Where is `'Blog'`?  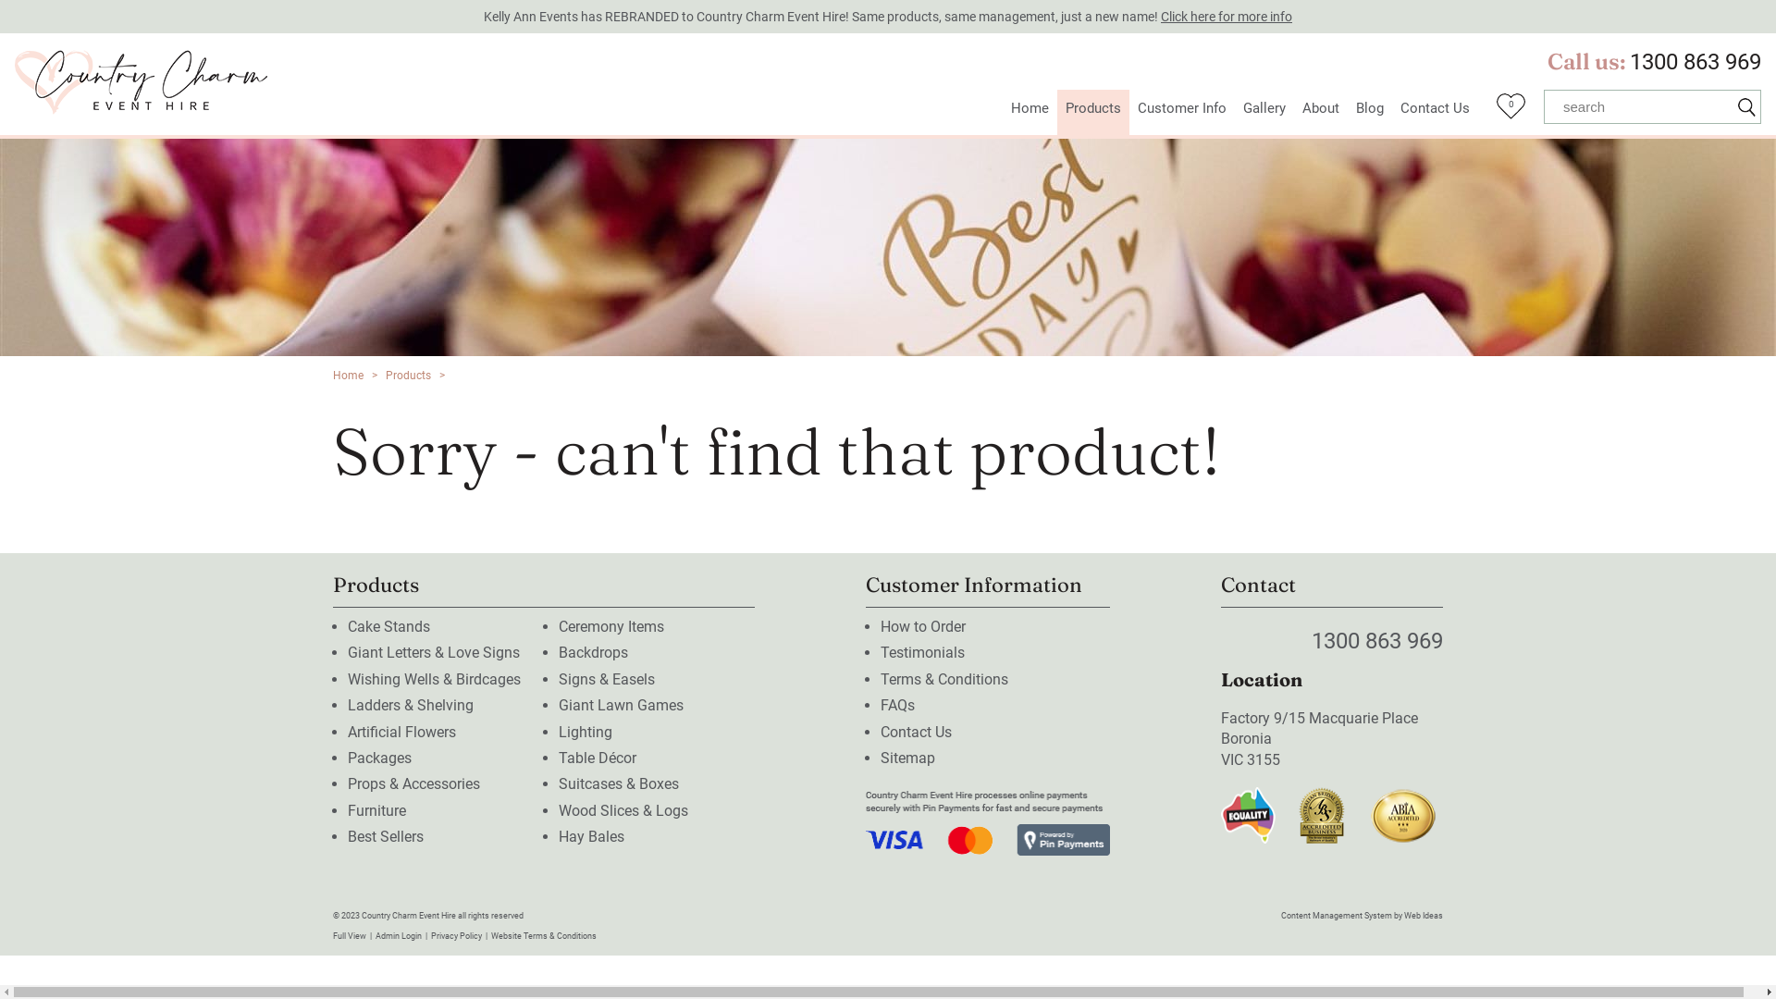 'Blog' is located at coordinates (1348, 112).